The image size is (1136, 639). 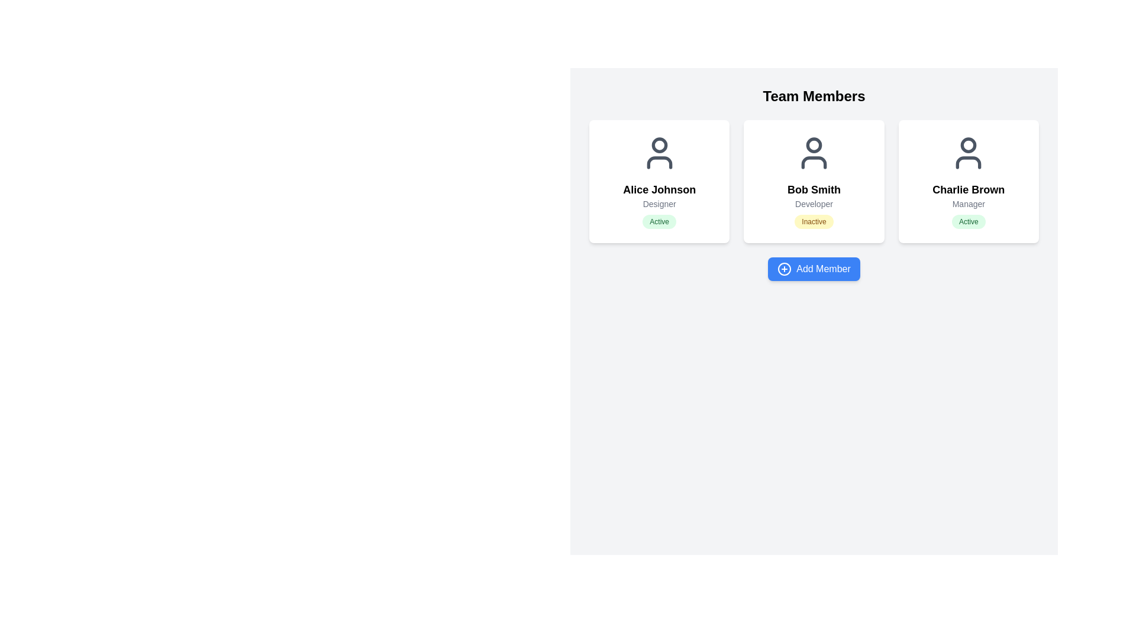 I want to click on displayed text of the small green rectangular badge labeled 'Active' located at the bottom of Charlie Brown's profile card in the Team Members section, so click(x=969, y=221).